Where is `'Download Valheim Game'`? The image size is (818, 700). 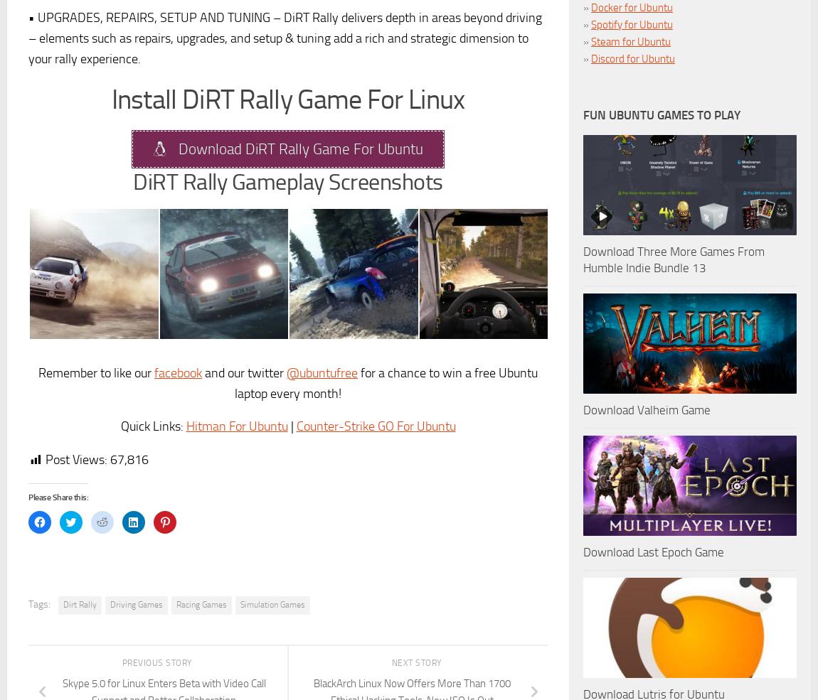 'Download Valheim Game' is located at coordinates (647, 410).